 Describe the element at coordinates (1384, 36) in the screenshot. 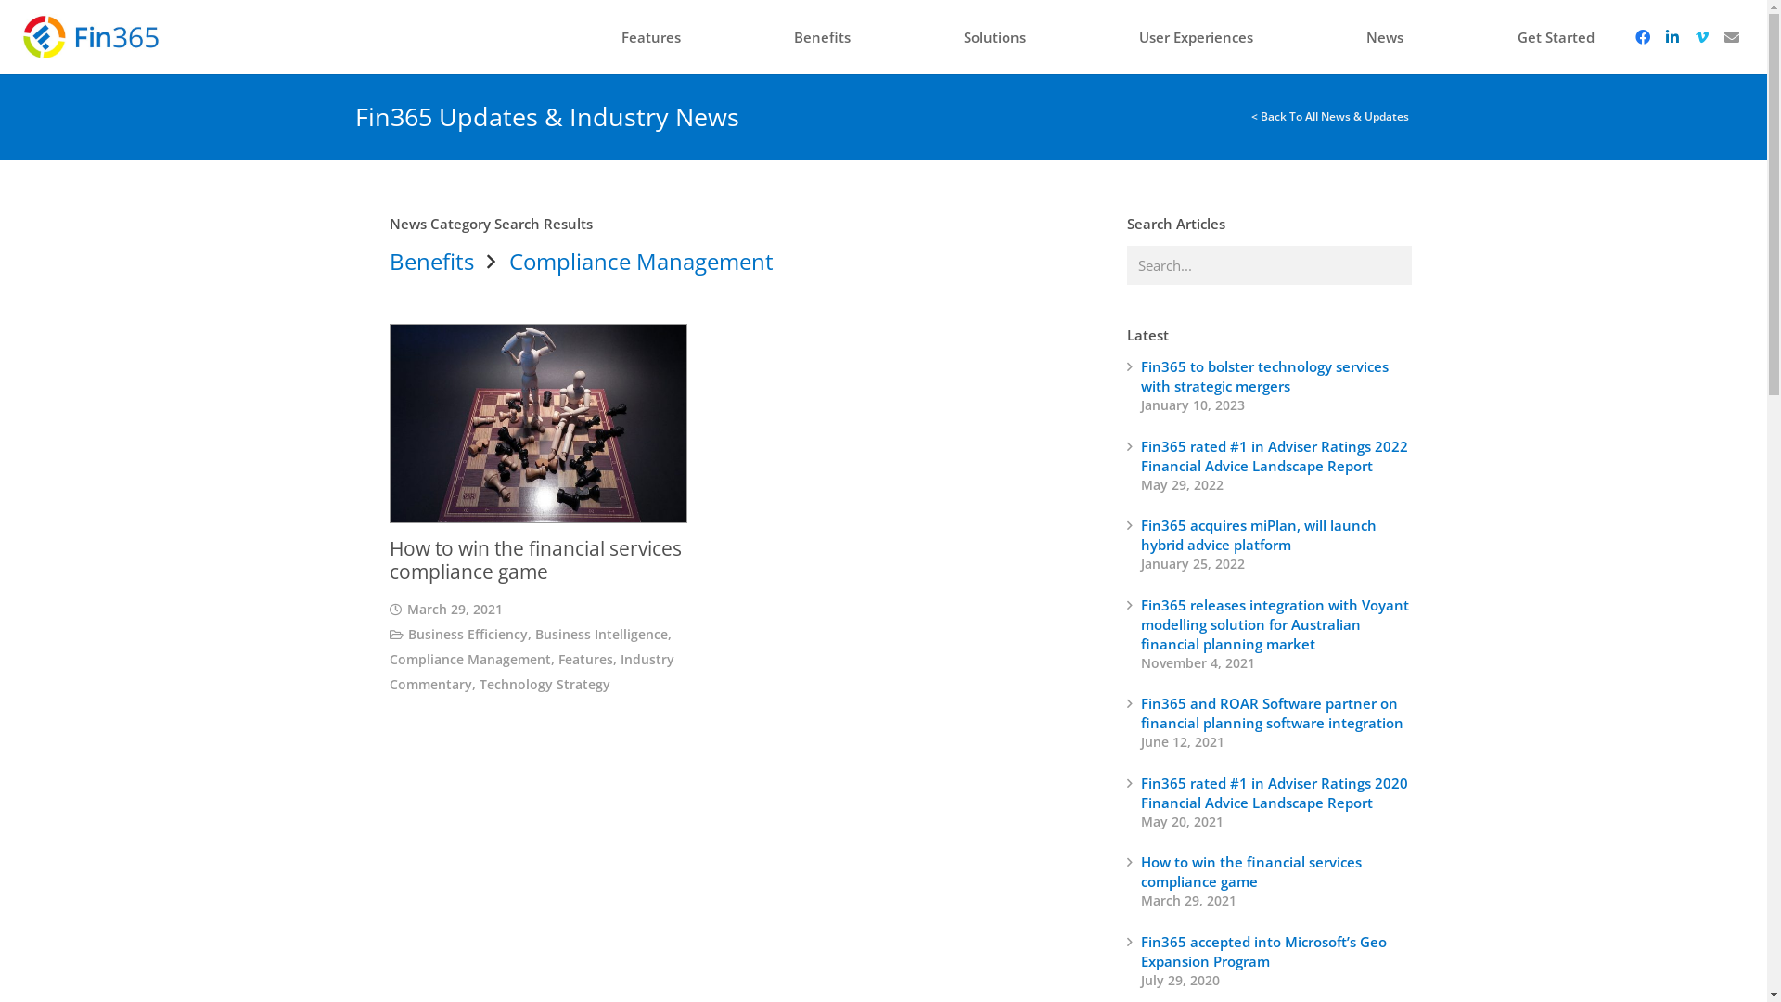

I see `'News'` at that location.